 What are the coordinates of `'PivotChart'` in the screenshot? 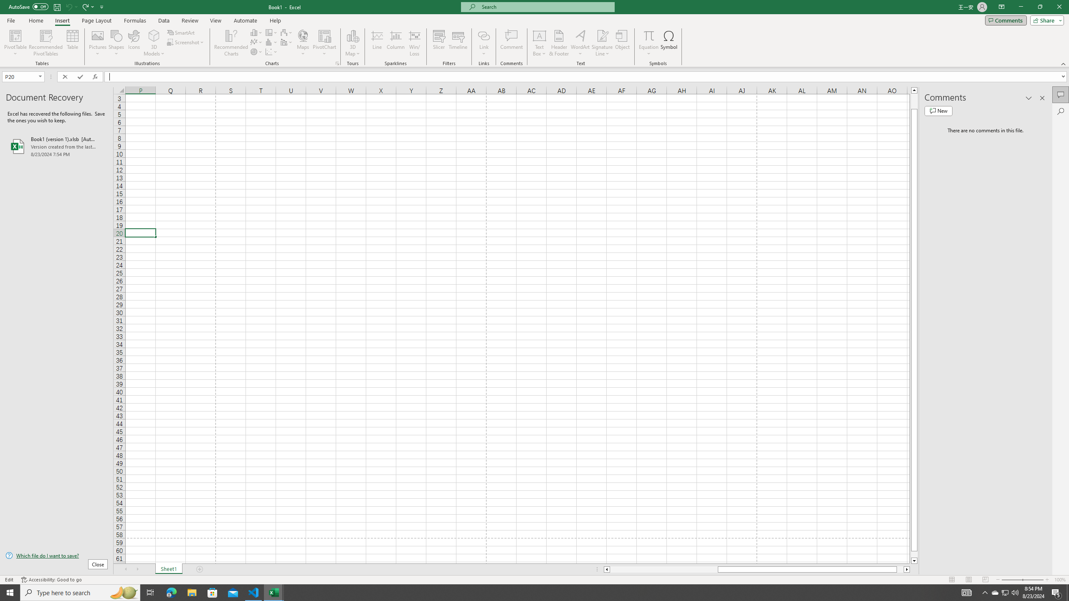 It's located at (325, 43).